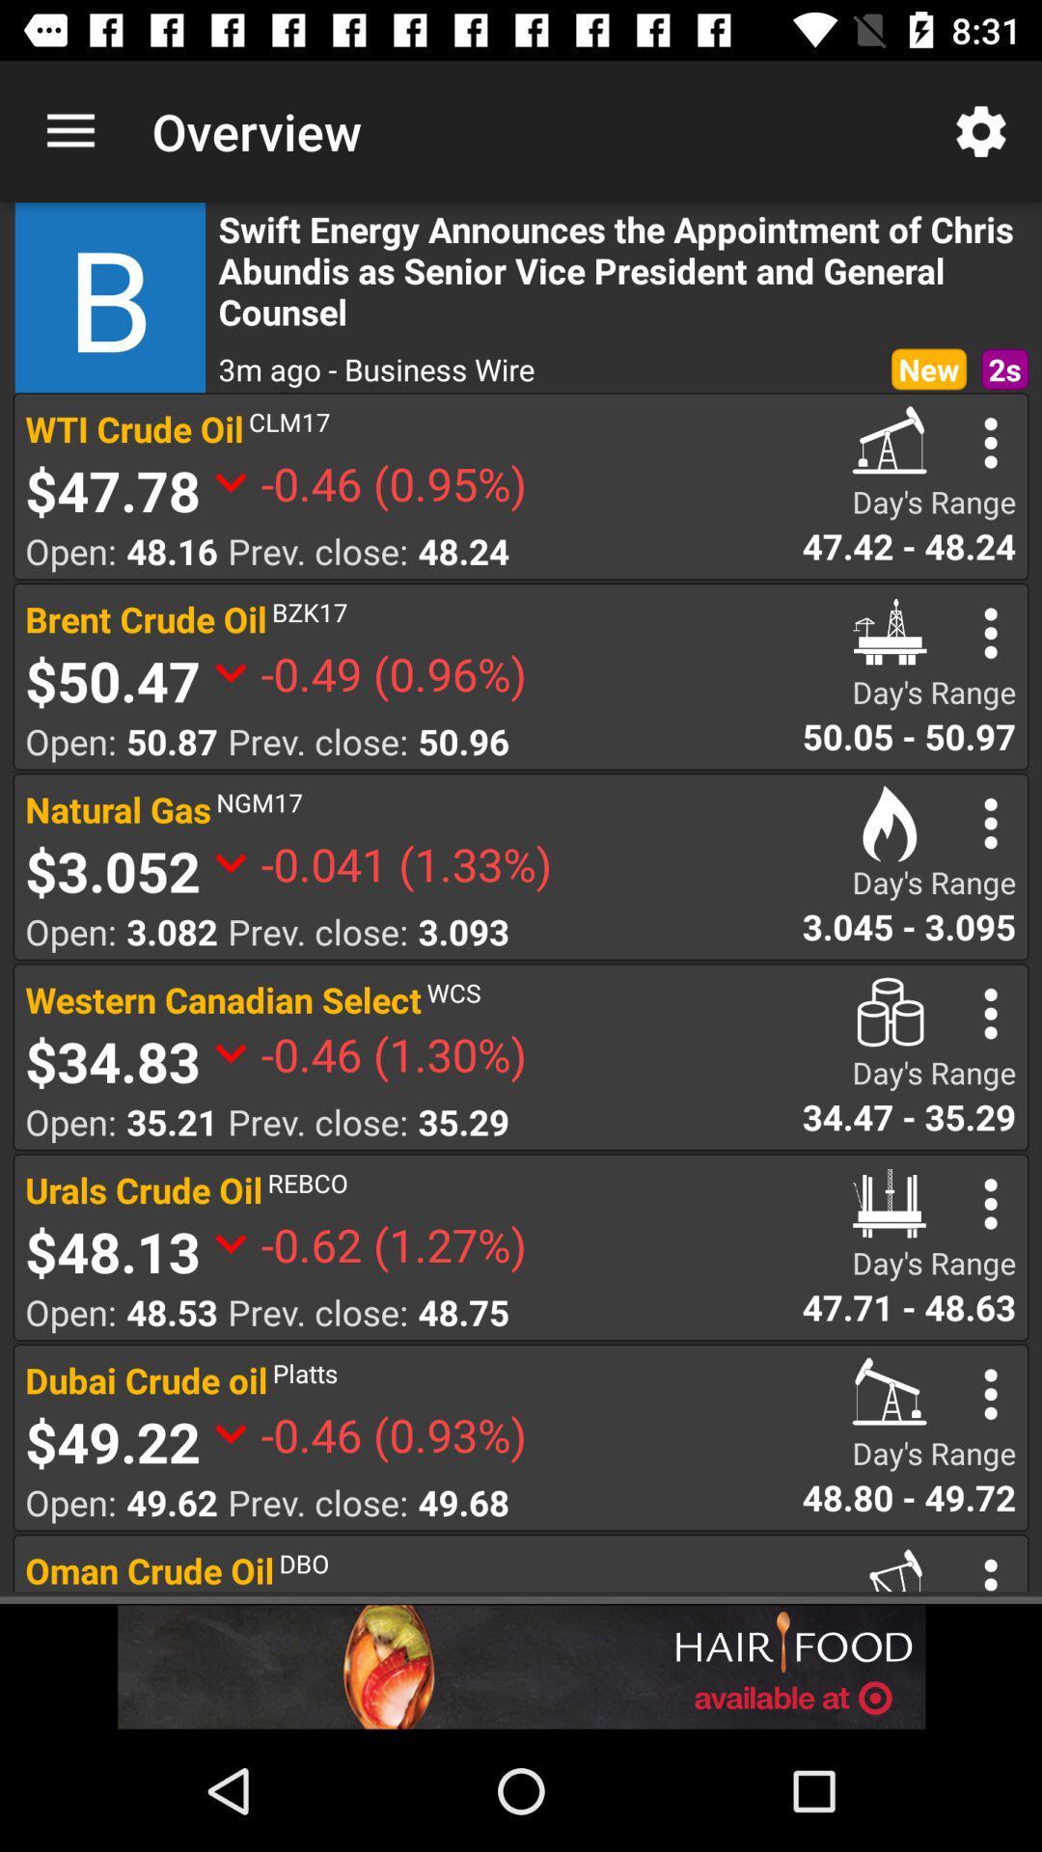 This screenshot has height=1852, width=1042. I want to click on expand menu, so click(991, 1203).